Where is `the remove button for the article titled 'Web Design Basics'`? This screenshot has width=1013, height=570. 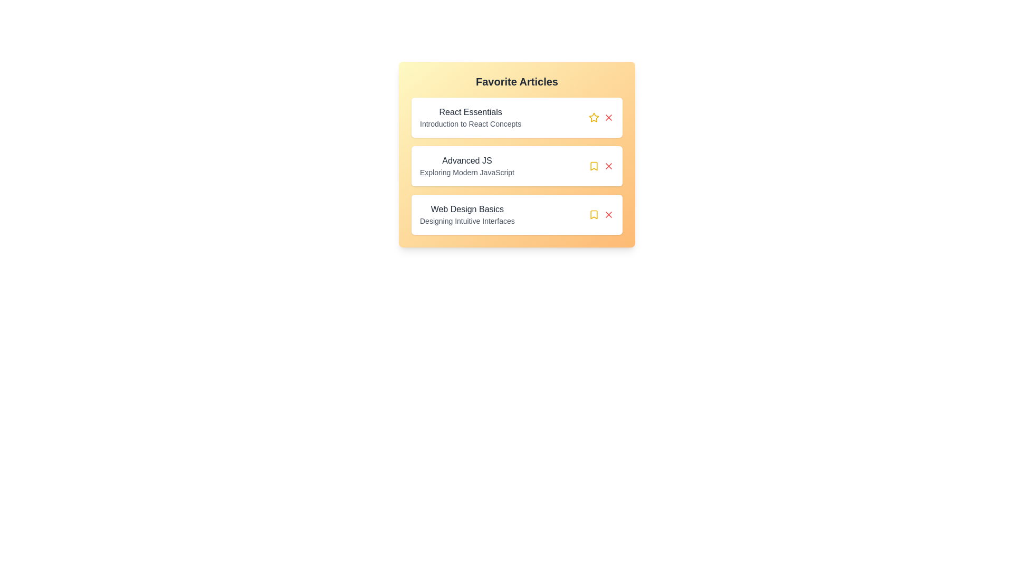
the remove button for the article titled 'Web Design Basics' is located at coordinates (608, 214).